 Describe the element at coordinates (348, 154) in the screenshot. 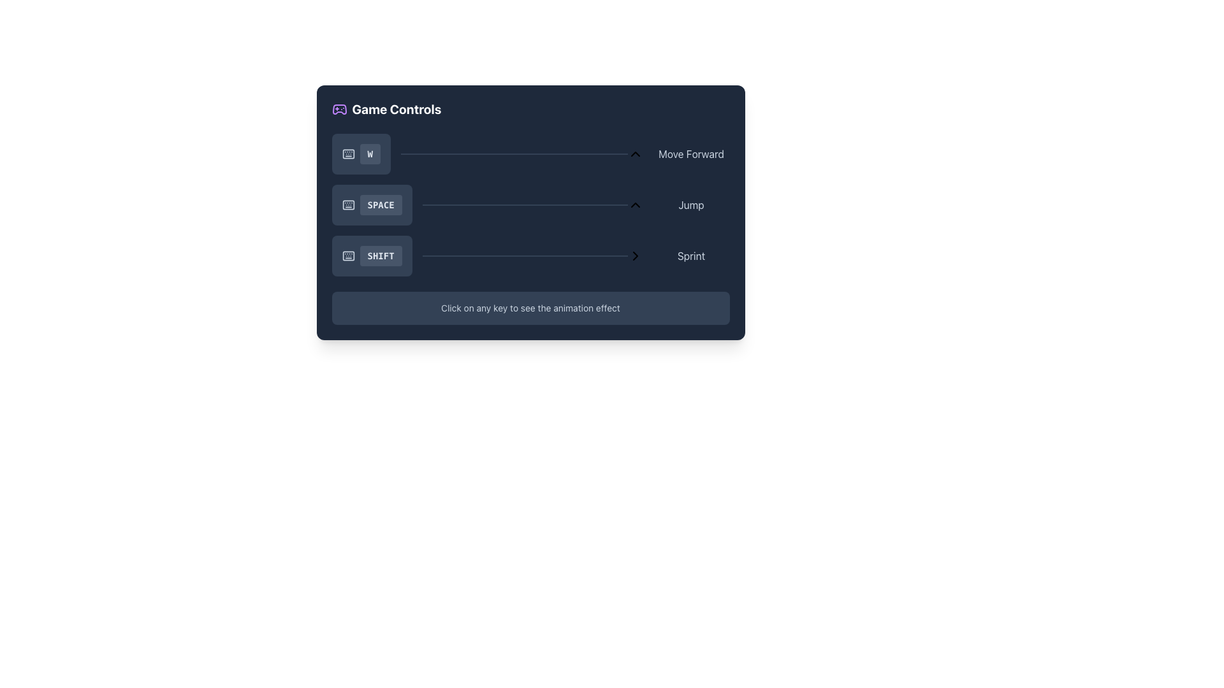

I see `the keyboard icon, which is light gray on a dark background, located to the left of the label 'W' in the game control instructions panel` at that location.